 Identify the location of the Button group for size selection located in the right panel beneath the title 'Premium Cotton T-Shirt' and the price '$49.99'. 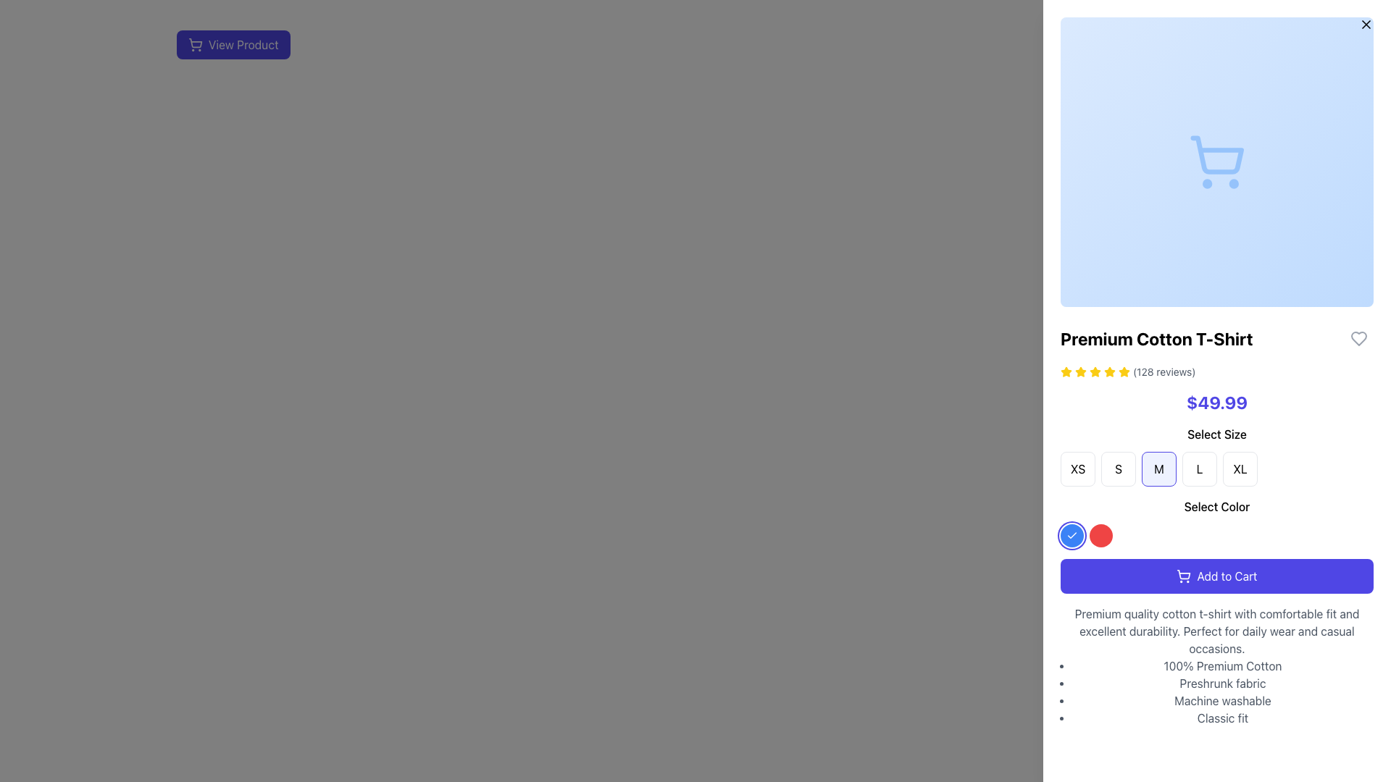
(1217, 455).